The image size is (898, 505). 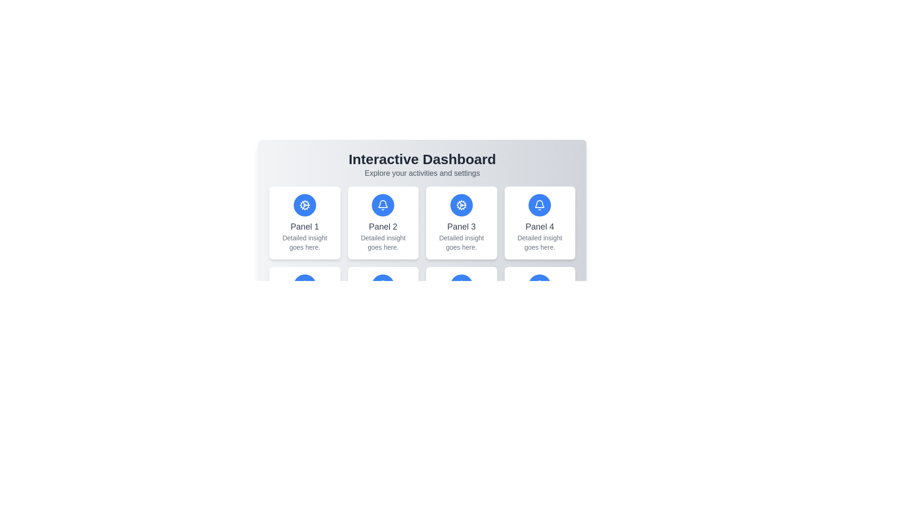 I want to click on the circular button with a blue background and a white cogwheel icon located at the upper portion of 'Panel 7', so click(x=461, y=285).